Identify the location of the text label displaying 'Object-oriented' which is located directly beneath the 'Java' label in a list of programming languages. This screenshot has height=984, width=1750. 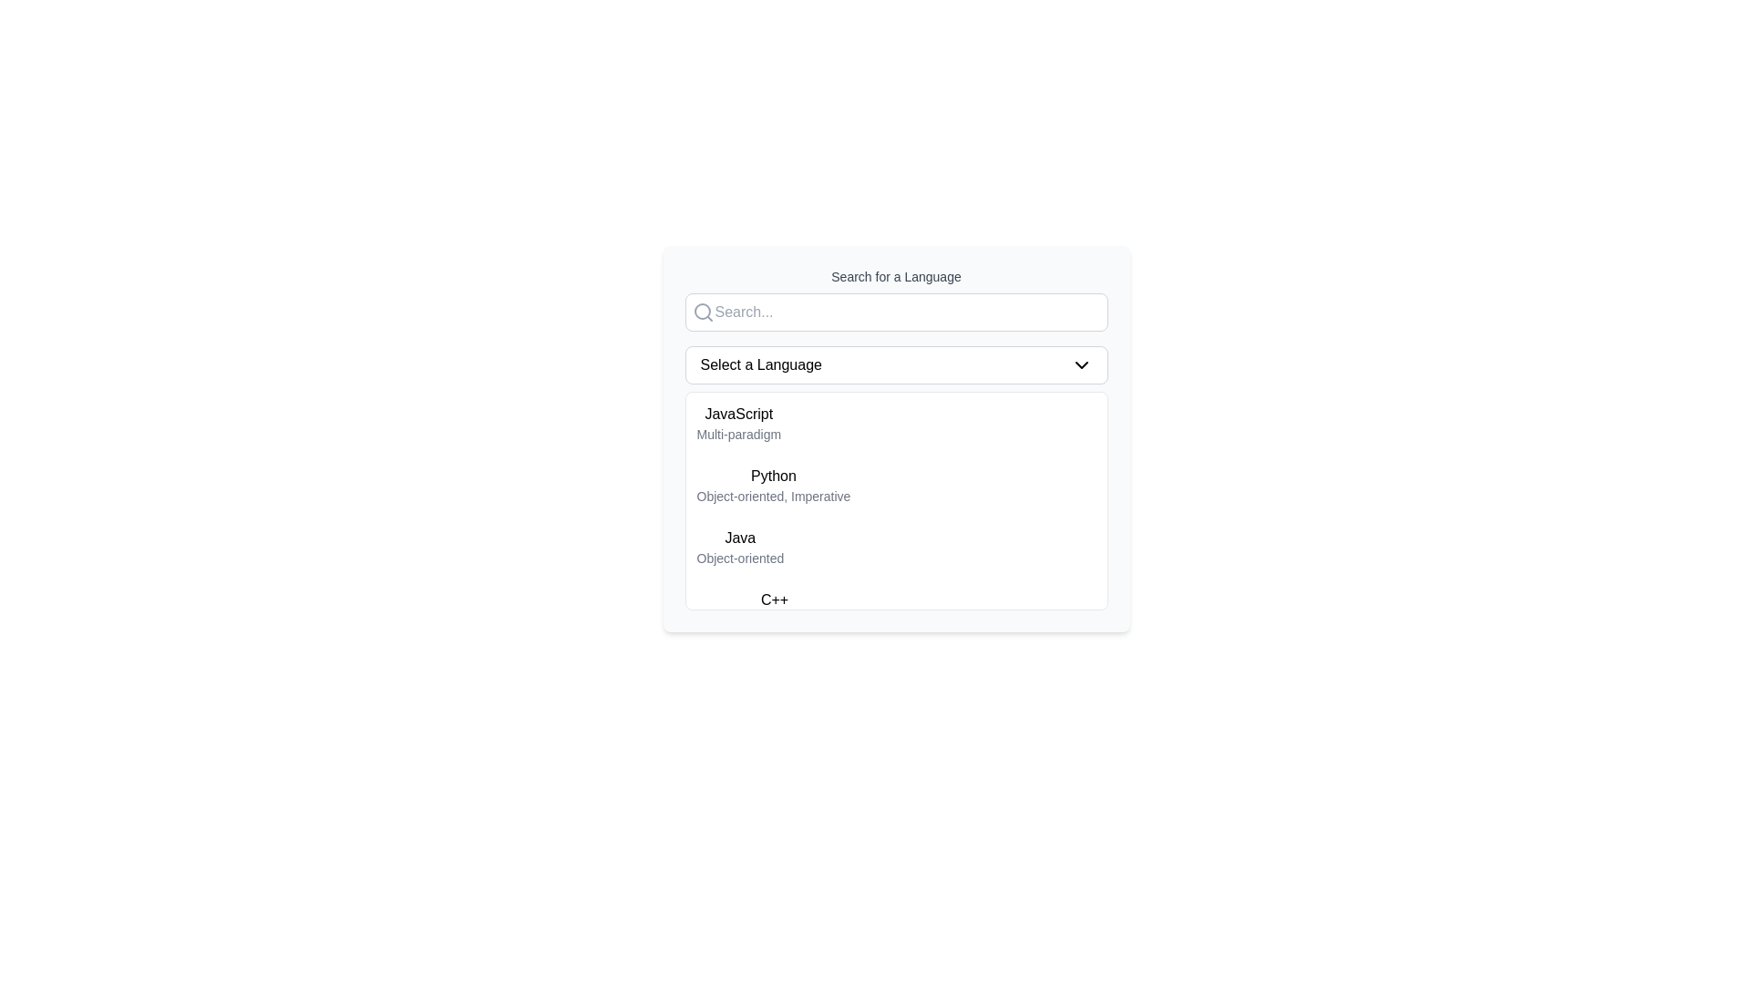
(740, 558).